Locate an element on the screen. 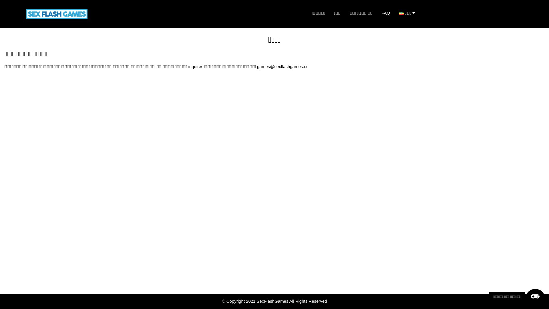  'FAQ' is located at coordinates (385, 13).